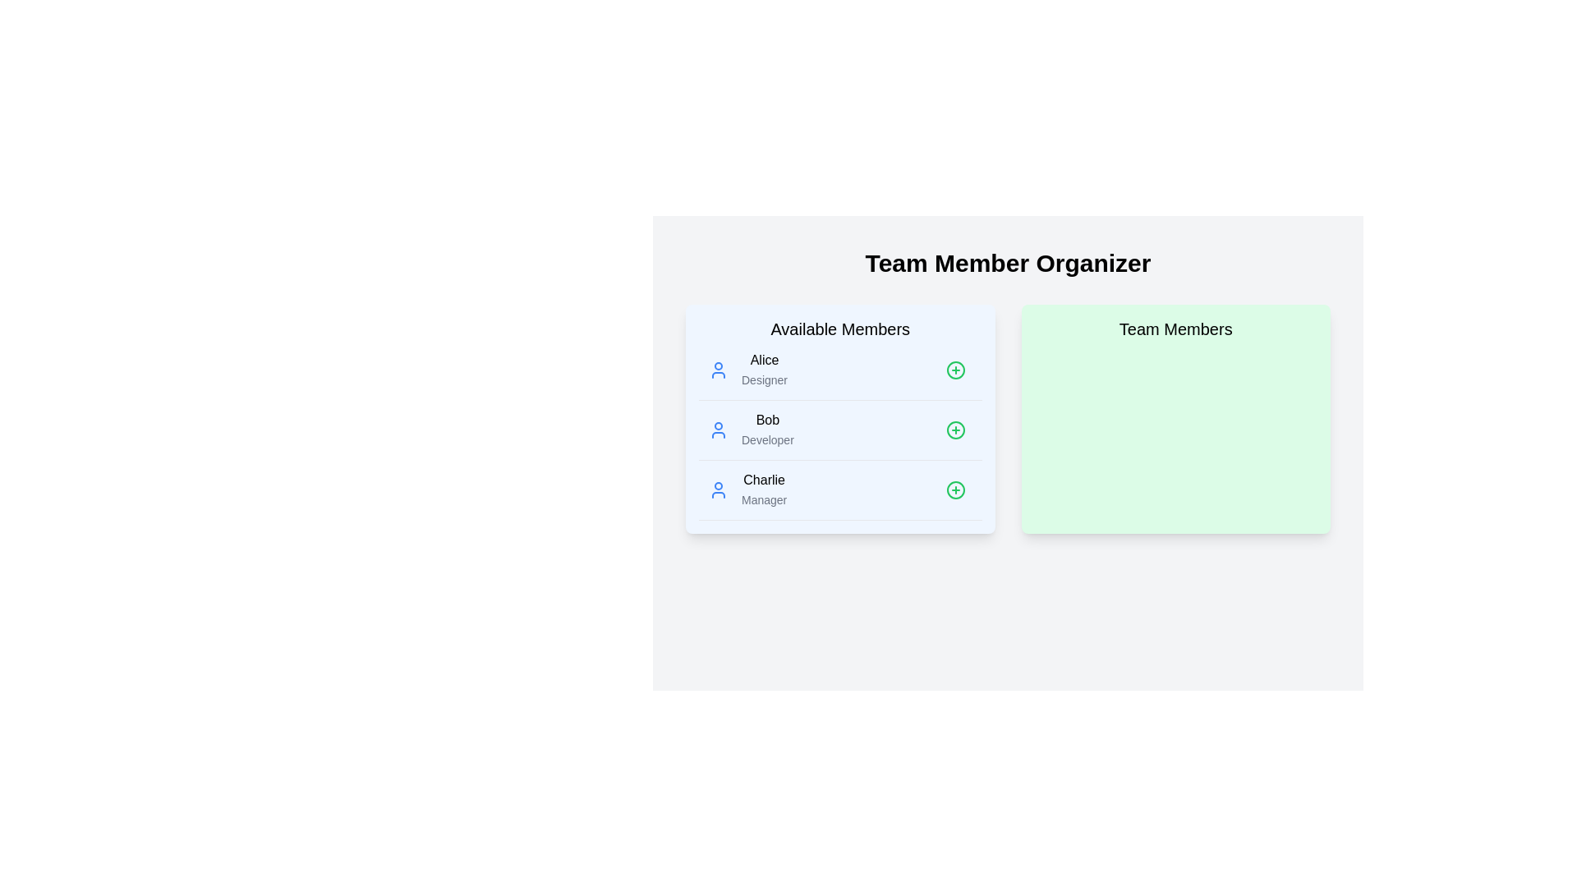 The height and width of the screenshot is (887, 1577). What do you see at coordinates (955, 430) in the screenshot?
I see `the circular icon or button located on the right side of 'Bob, Developer' in the 'Available Members' section to initiate an action` at bounding box center [955, 430].